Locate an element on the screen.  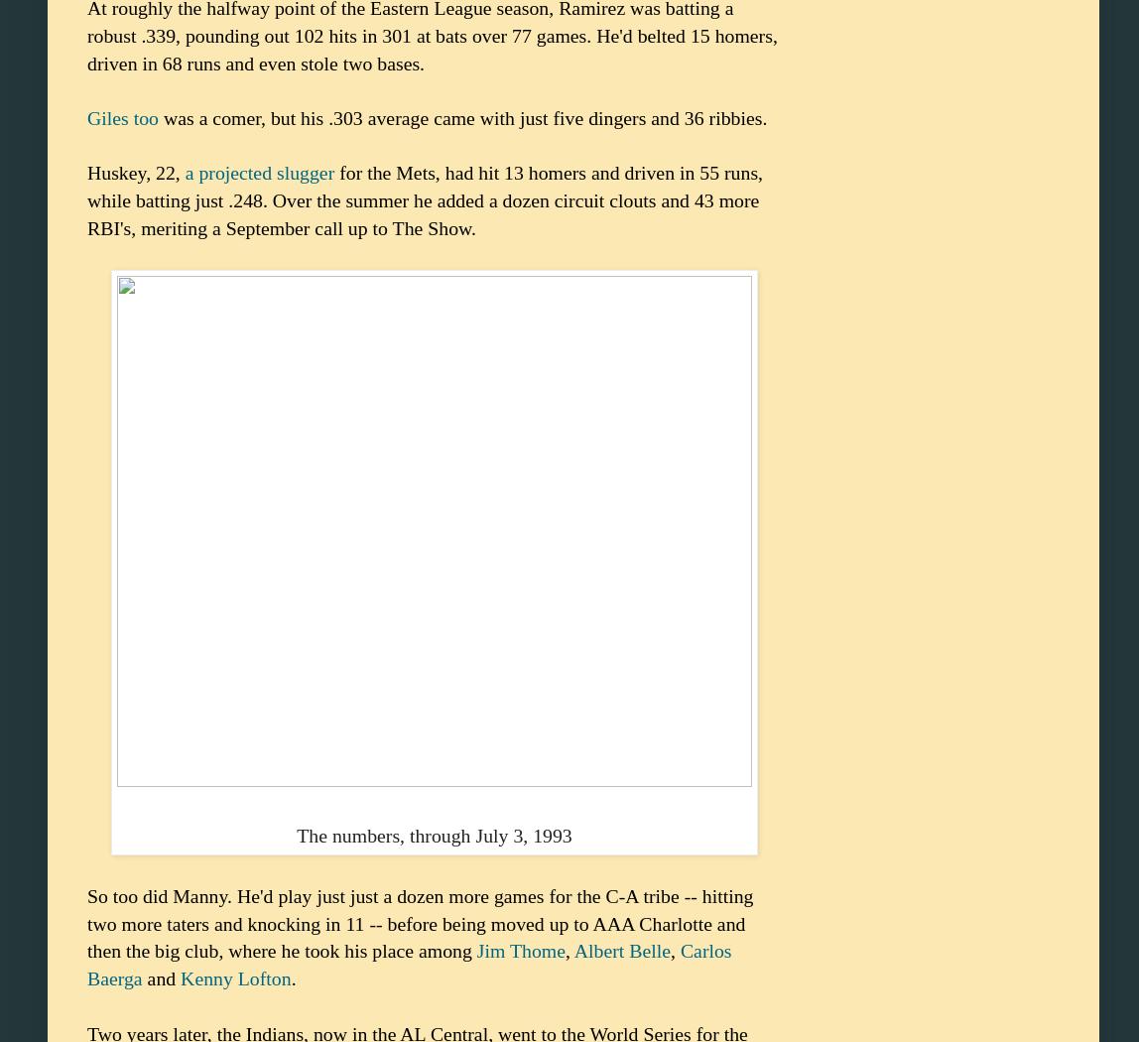
'was a comer, but his .303 average came with just five dingers and 36 ribbies.' is located at coordinates (461, 116).